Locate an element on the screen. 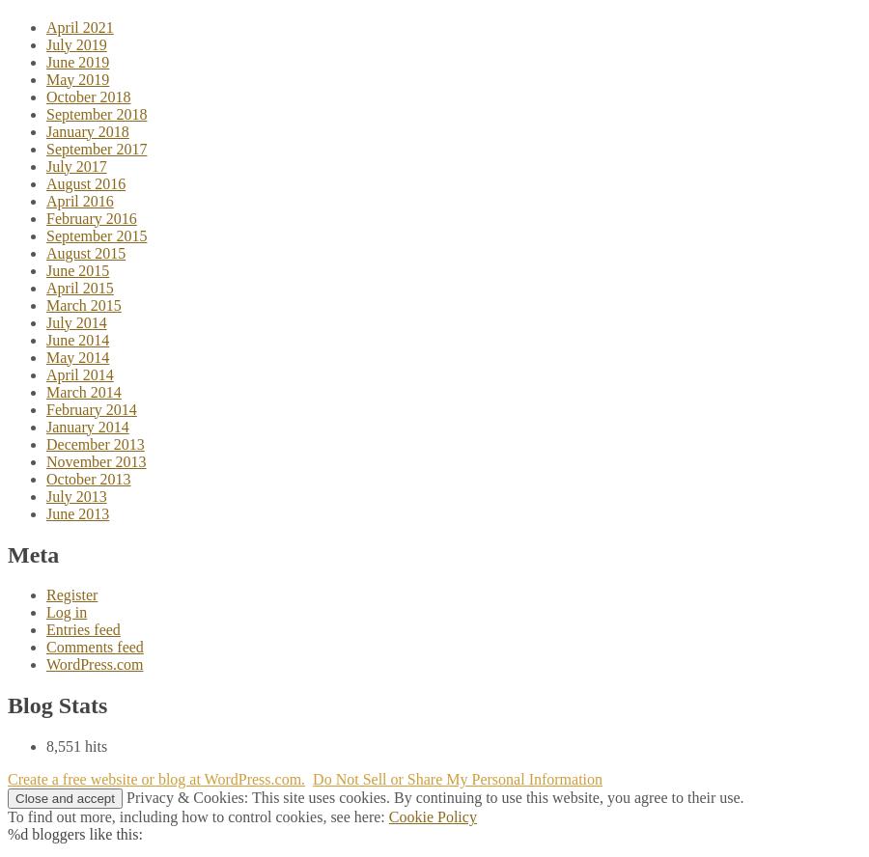 The width and height of the screenshot is (869, 857). '%d' is located at coordinates (16, 833).